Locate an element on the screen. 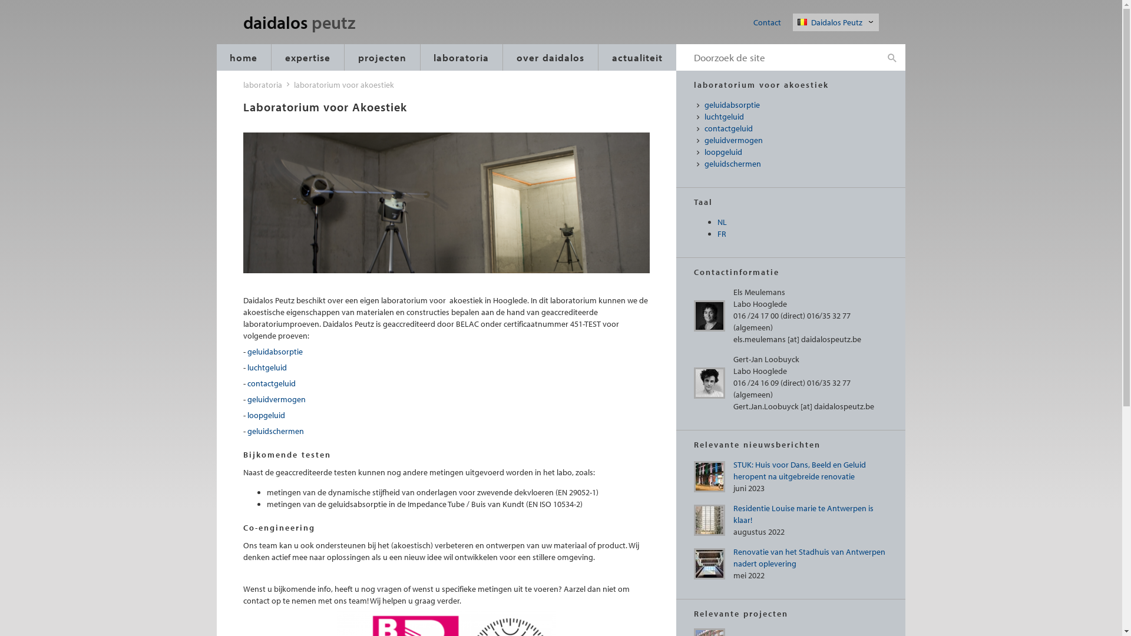 The height and width of the screenshot is (636, 1131). 'daidalos peutz' is located at coordinates (315, 23).